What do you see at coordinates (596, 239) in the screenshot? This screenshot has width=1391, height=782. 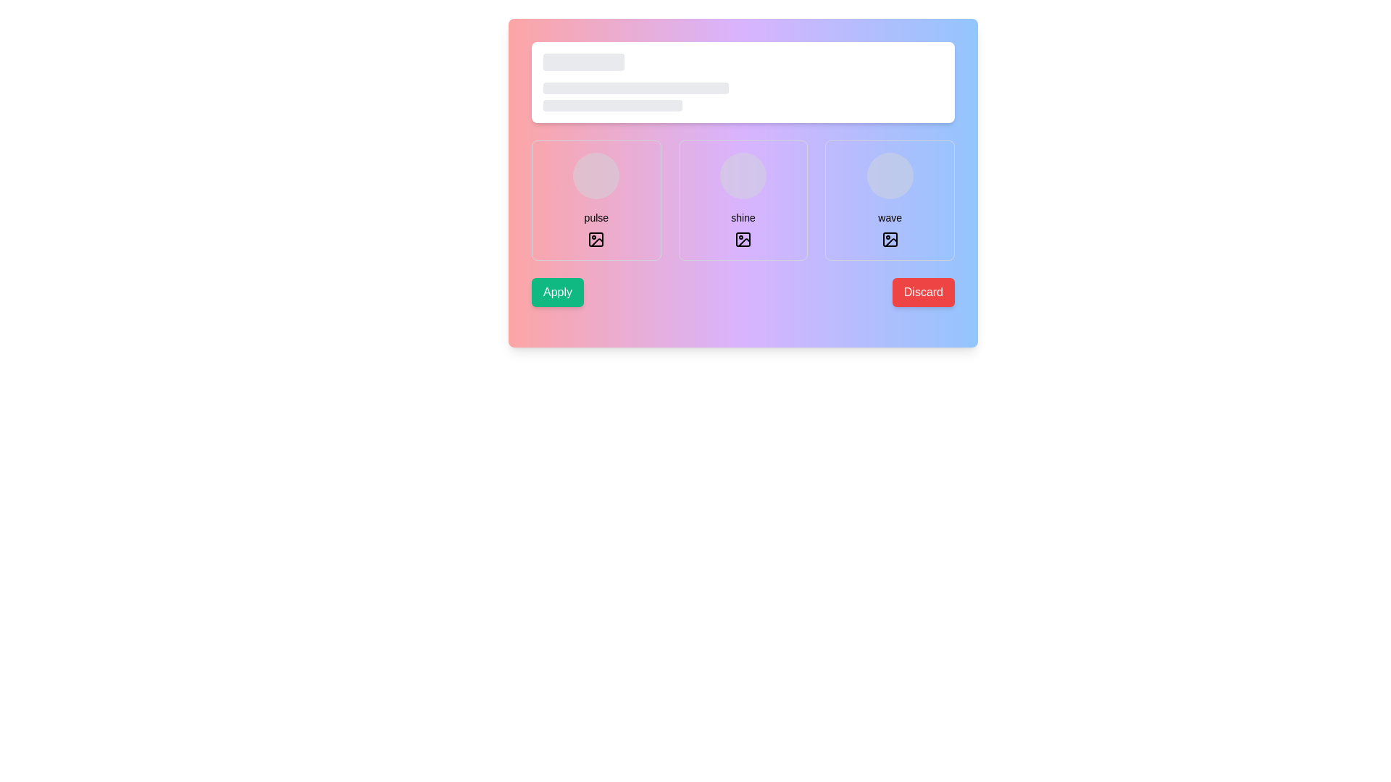 I see `the icon that serves as a visual placeholder or indicator within the bottom part of the 'pulse' card interface, positioned below a circular shape and the 'pulse' text label` at bounding box center [596, 239].